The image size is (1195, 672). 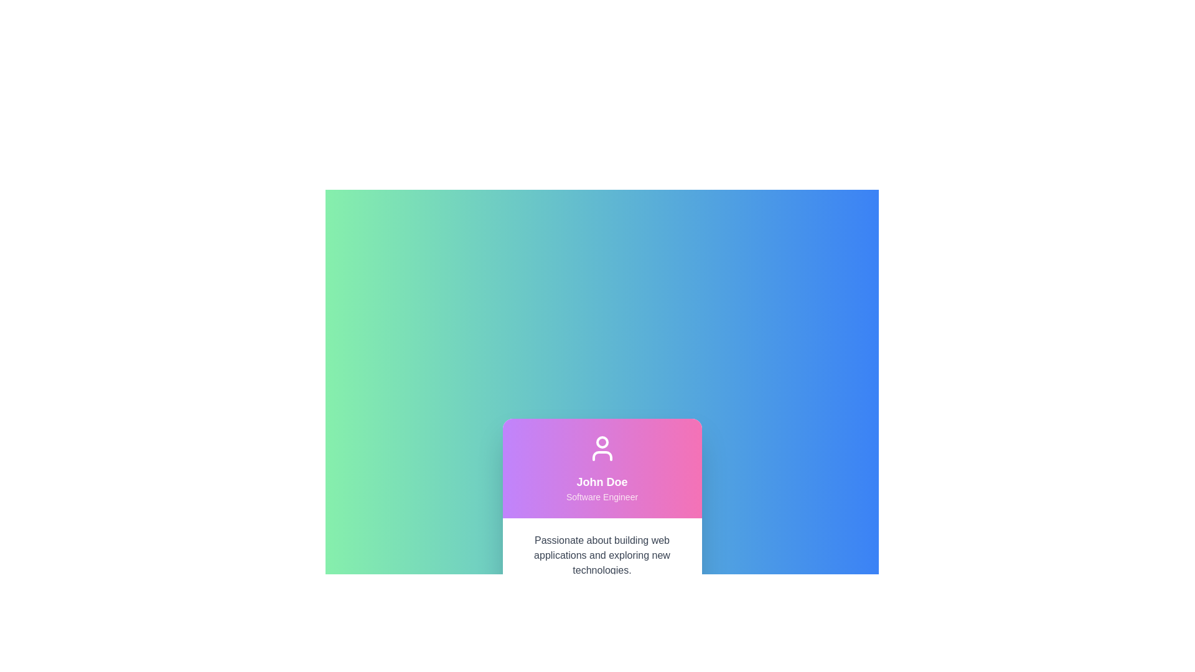 What do you see at coordinates (602, 449) in the screenshot?
I see `the user icon styled in white with a pink to purple gradient background, positioned above the text 'John Doe'` at bounding box center [602, 449].